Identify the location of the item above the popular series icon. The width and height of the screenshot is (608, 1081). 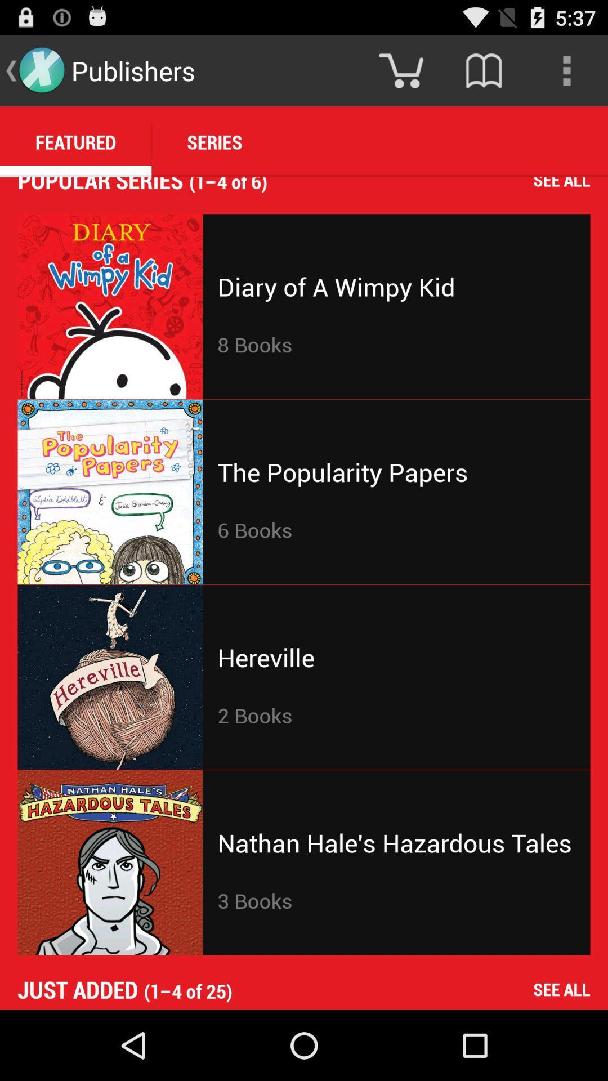
(75, 141).